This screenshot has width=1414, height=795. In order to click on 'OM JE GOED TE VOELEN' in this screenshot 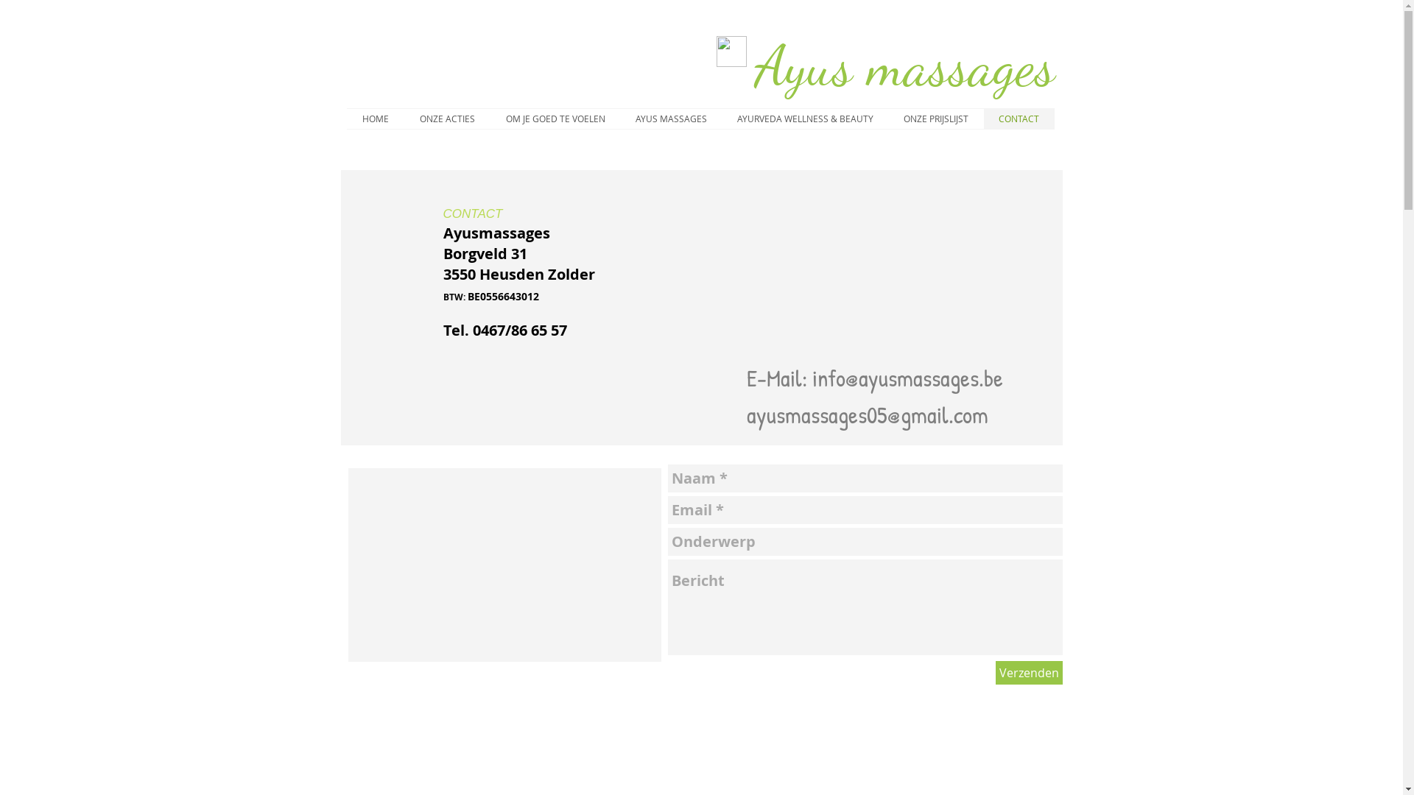, I will do `click(555, 118)`.